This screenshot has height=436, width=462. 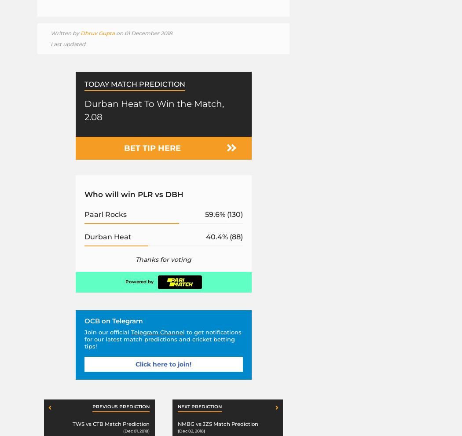 What do you see at coordinates (205, 213) in the screenshot?
I see `'59.6% (130)'` at bounding box center [205, 213].